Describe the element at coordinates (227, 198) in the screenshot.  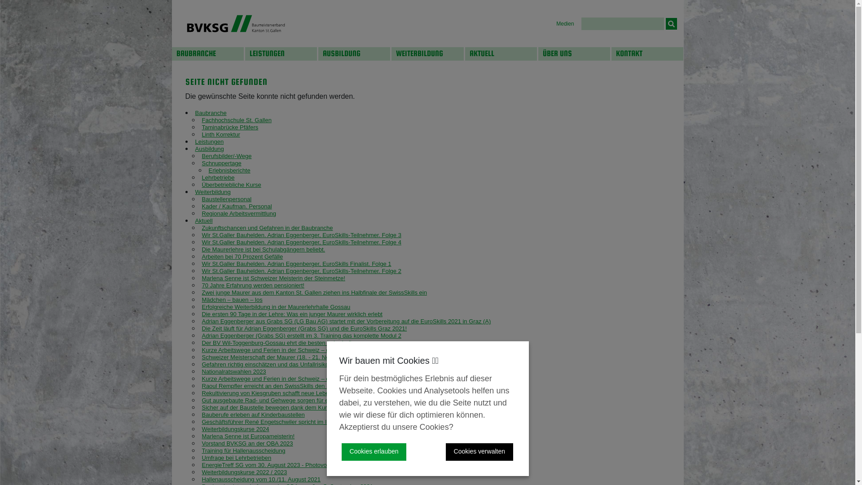
I see `'Baustellenpersonal'` at that location.